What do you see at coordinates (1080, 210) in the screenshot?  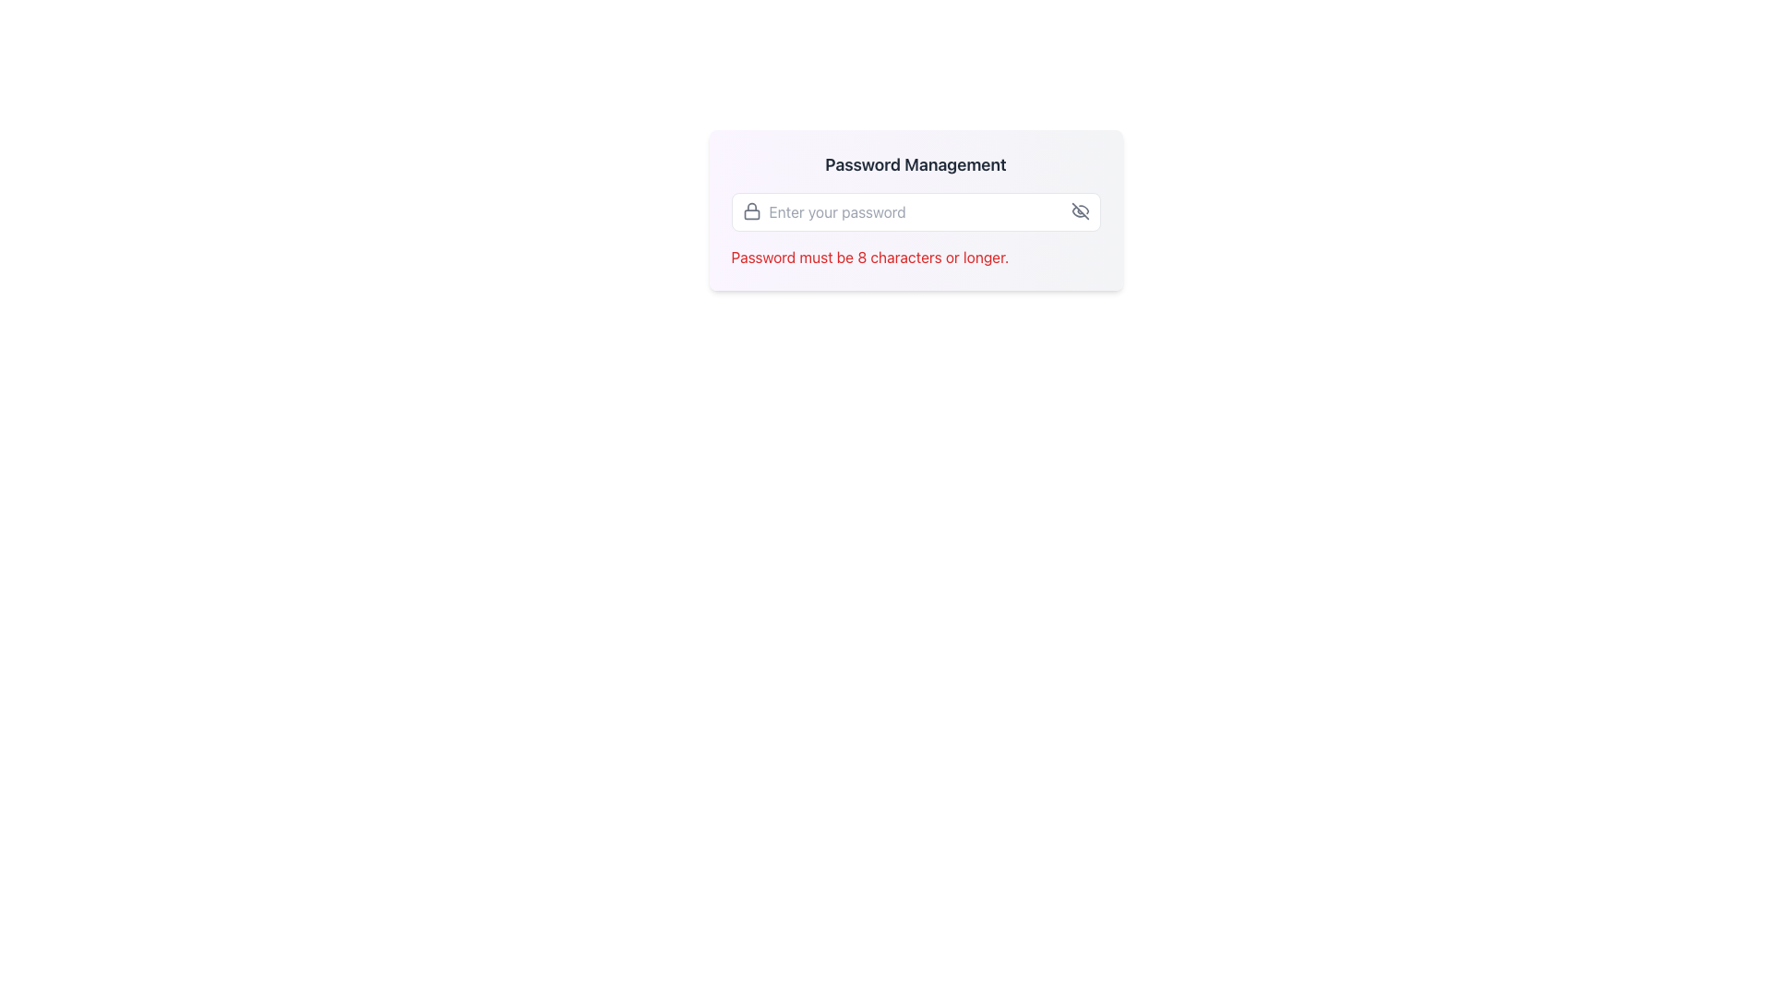 I see `the visibility toggle button for the password input field` at bounding box center [1080, 210].